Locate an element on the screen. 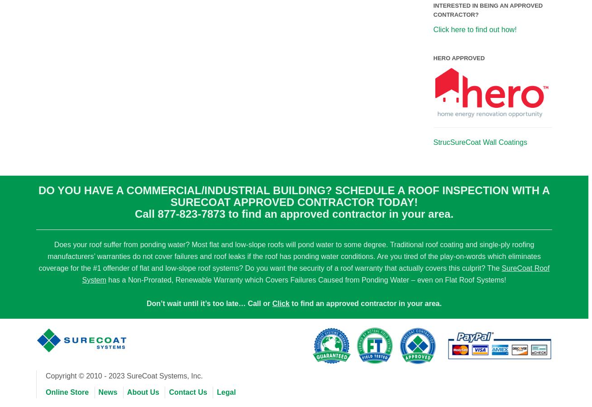 Image resolution: width=592 pixels, height=407 pixels. 'DO YOU HAVE A COMMERCIAL/INDUSTRIAL BUILDING? SCHEDULE A ROOF INSPECTION WITH A SURECOAT APPROVED CONTRACTOR TODAY!' is located at coordinates (293, 195).